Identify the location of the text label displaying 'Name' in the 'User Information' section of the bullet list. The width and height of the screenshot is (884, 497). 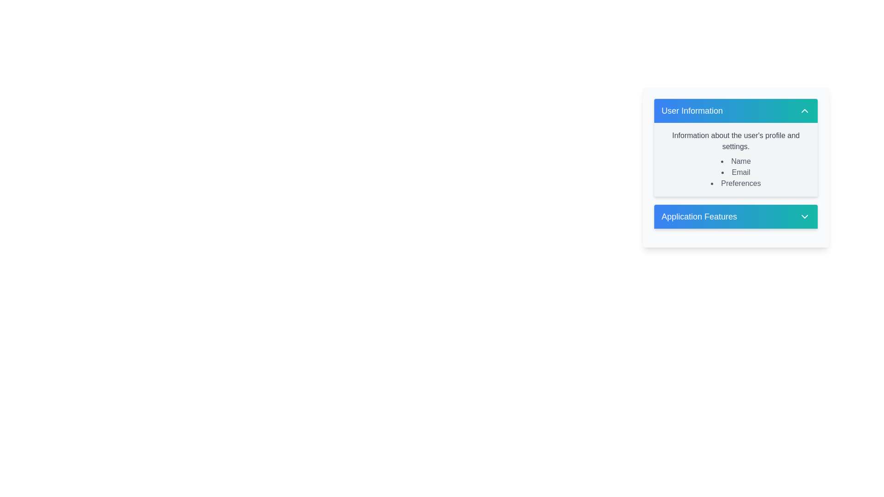
(735, 161).